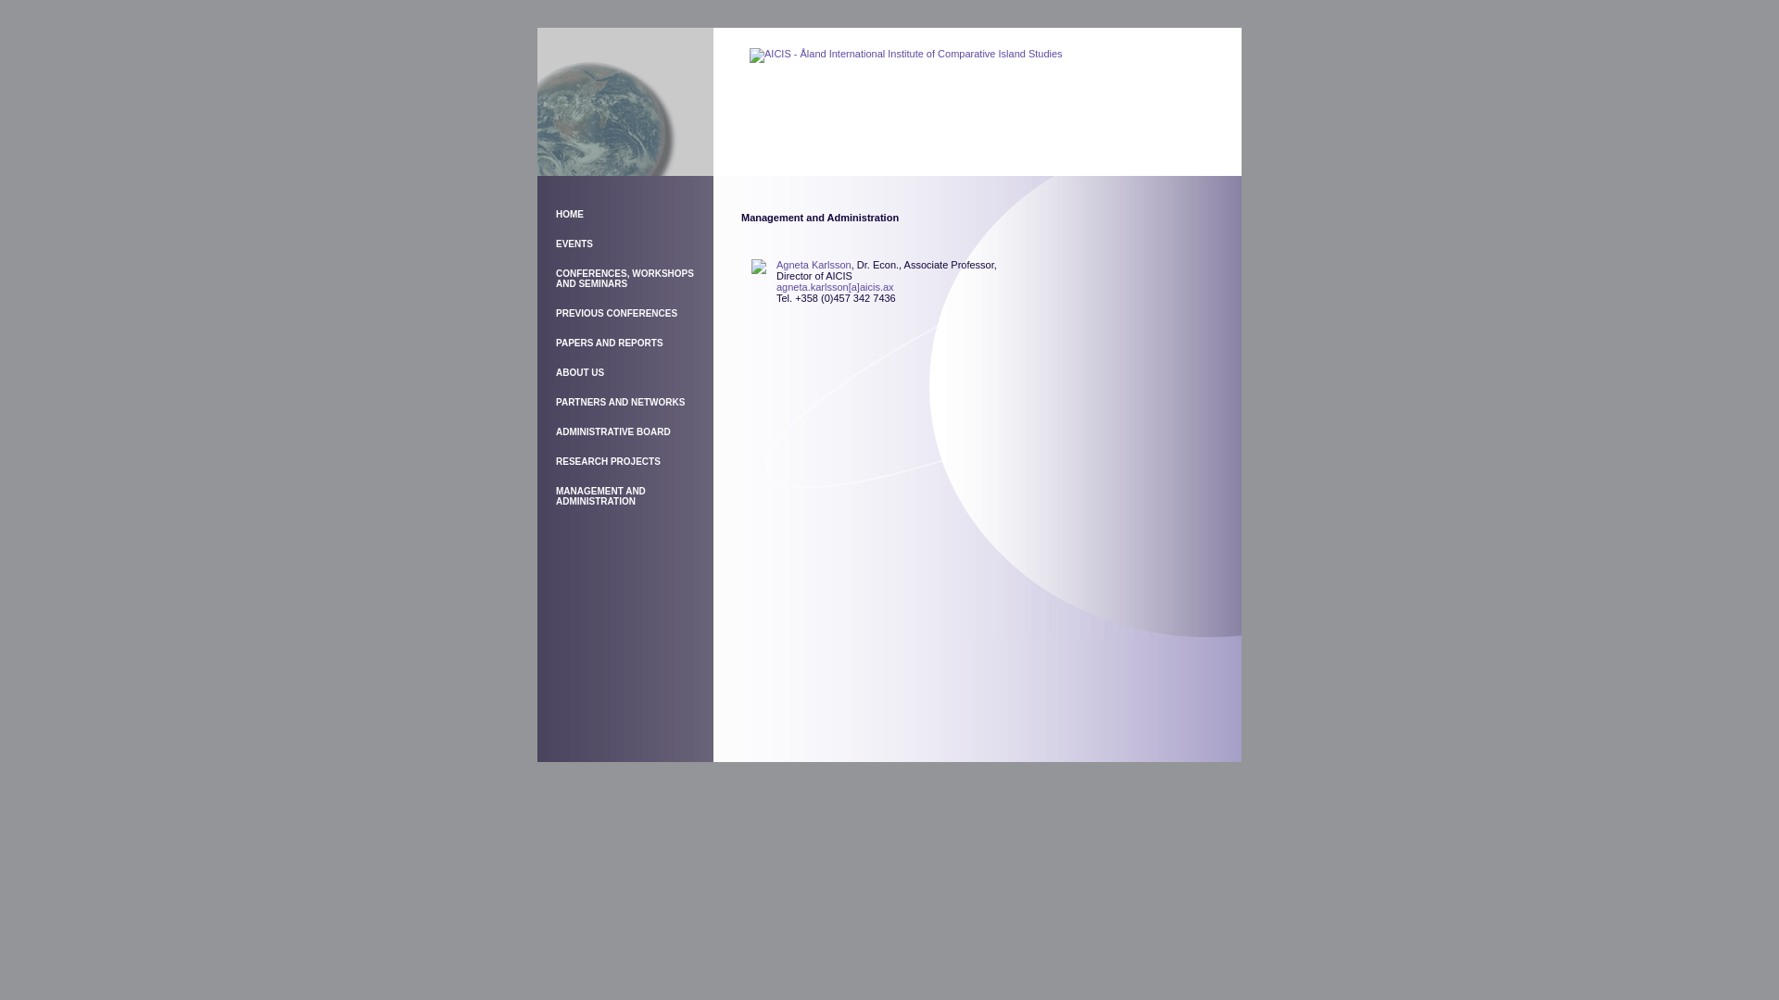 This screenshot has height=1000, width=1779. Describe the element at coordinates (568, 213) in the screenshot. I see `'HOME'` at that location.